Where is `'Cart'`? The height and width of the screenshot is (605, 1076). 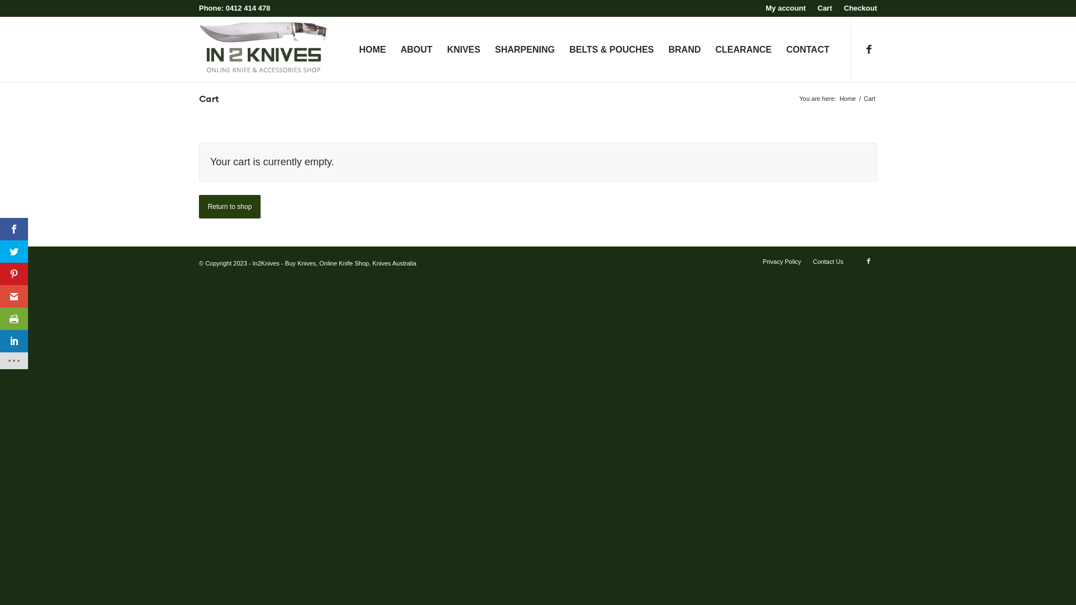 'Cart' is located at coordinates (818, 8).